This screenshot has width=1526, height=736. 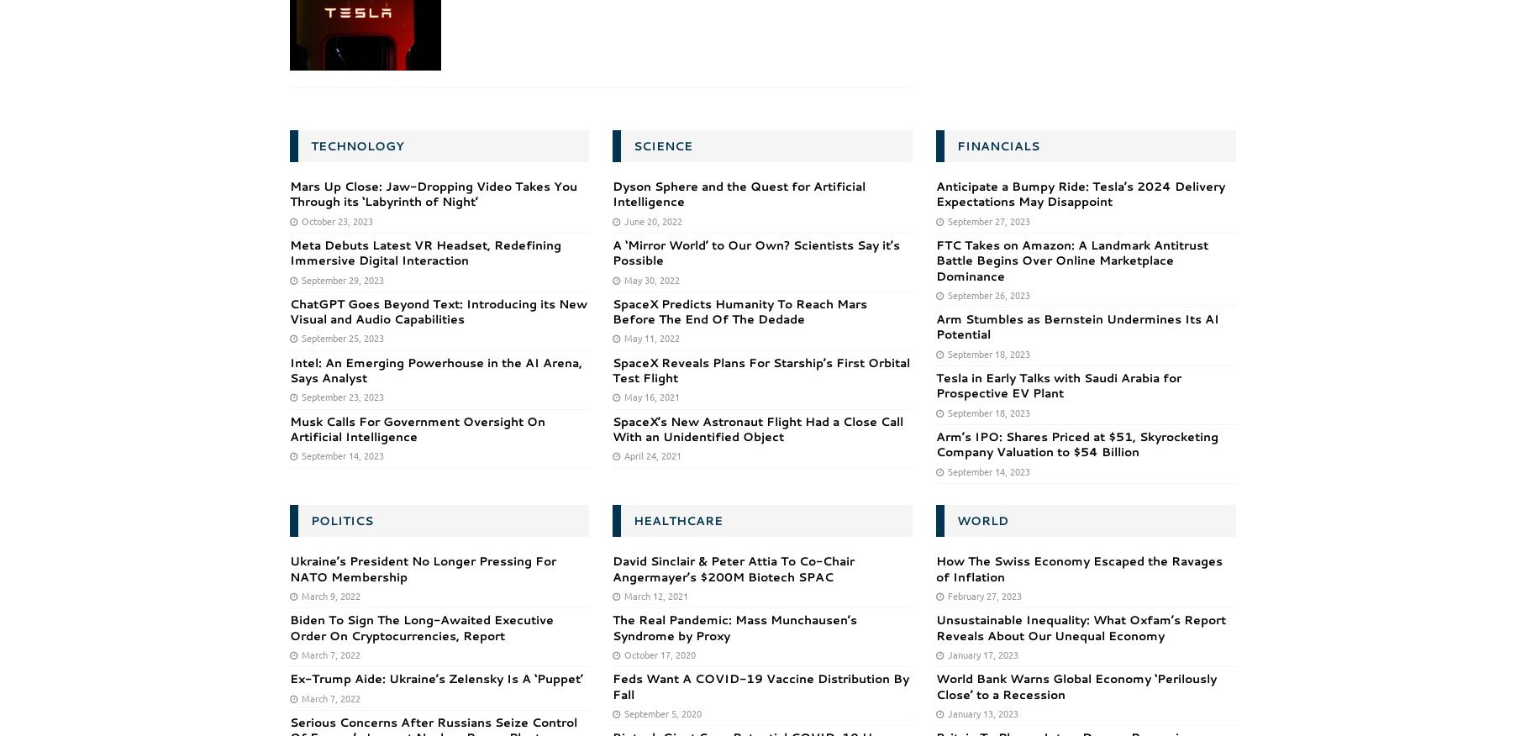 I want to click on 'September 25, 2023', so click(x=340, y=337).